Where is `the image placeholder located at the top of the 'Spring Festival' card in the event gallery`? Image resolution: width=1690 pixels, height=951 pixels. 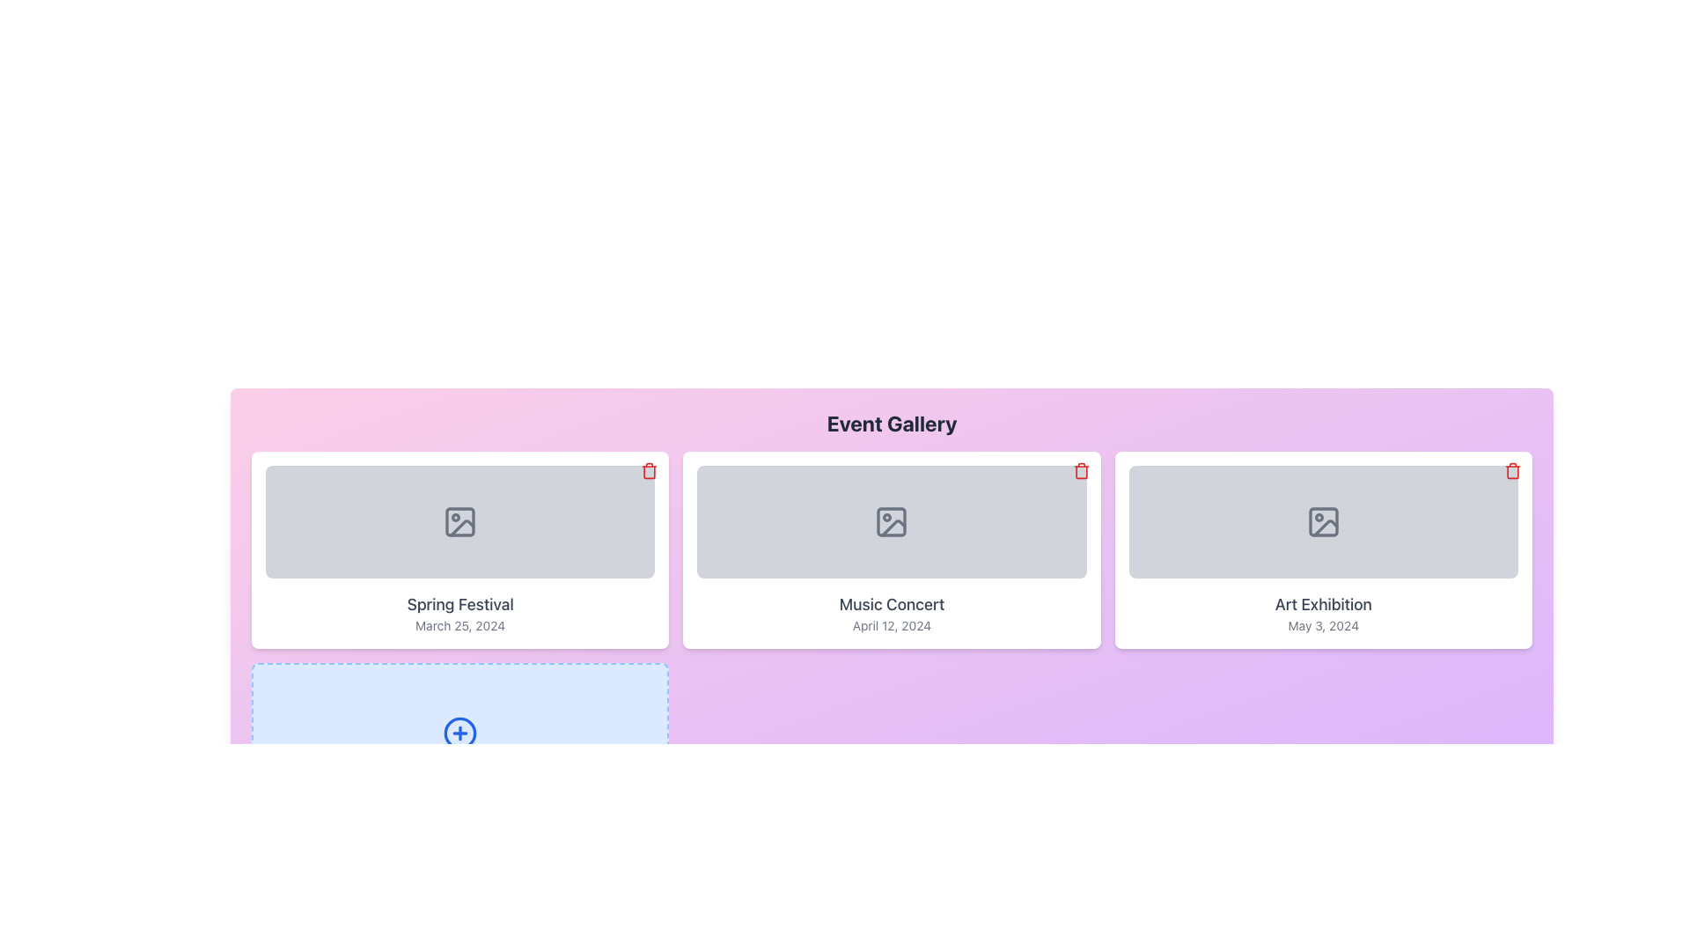
the image placeholder located at the top of the 'Spring Festival' card in the event gallery is located at coordinates (460, 521).